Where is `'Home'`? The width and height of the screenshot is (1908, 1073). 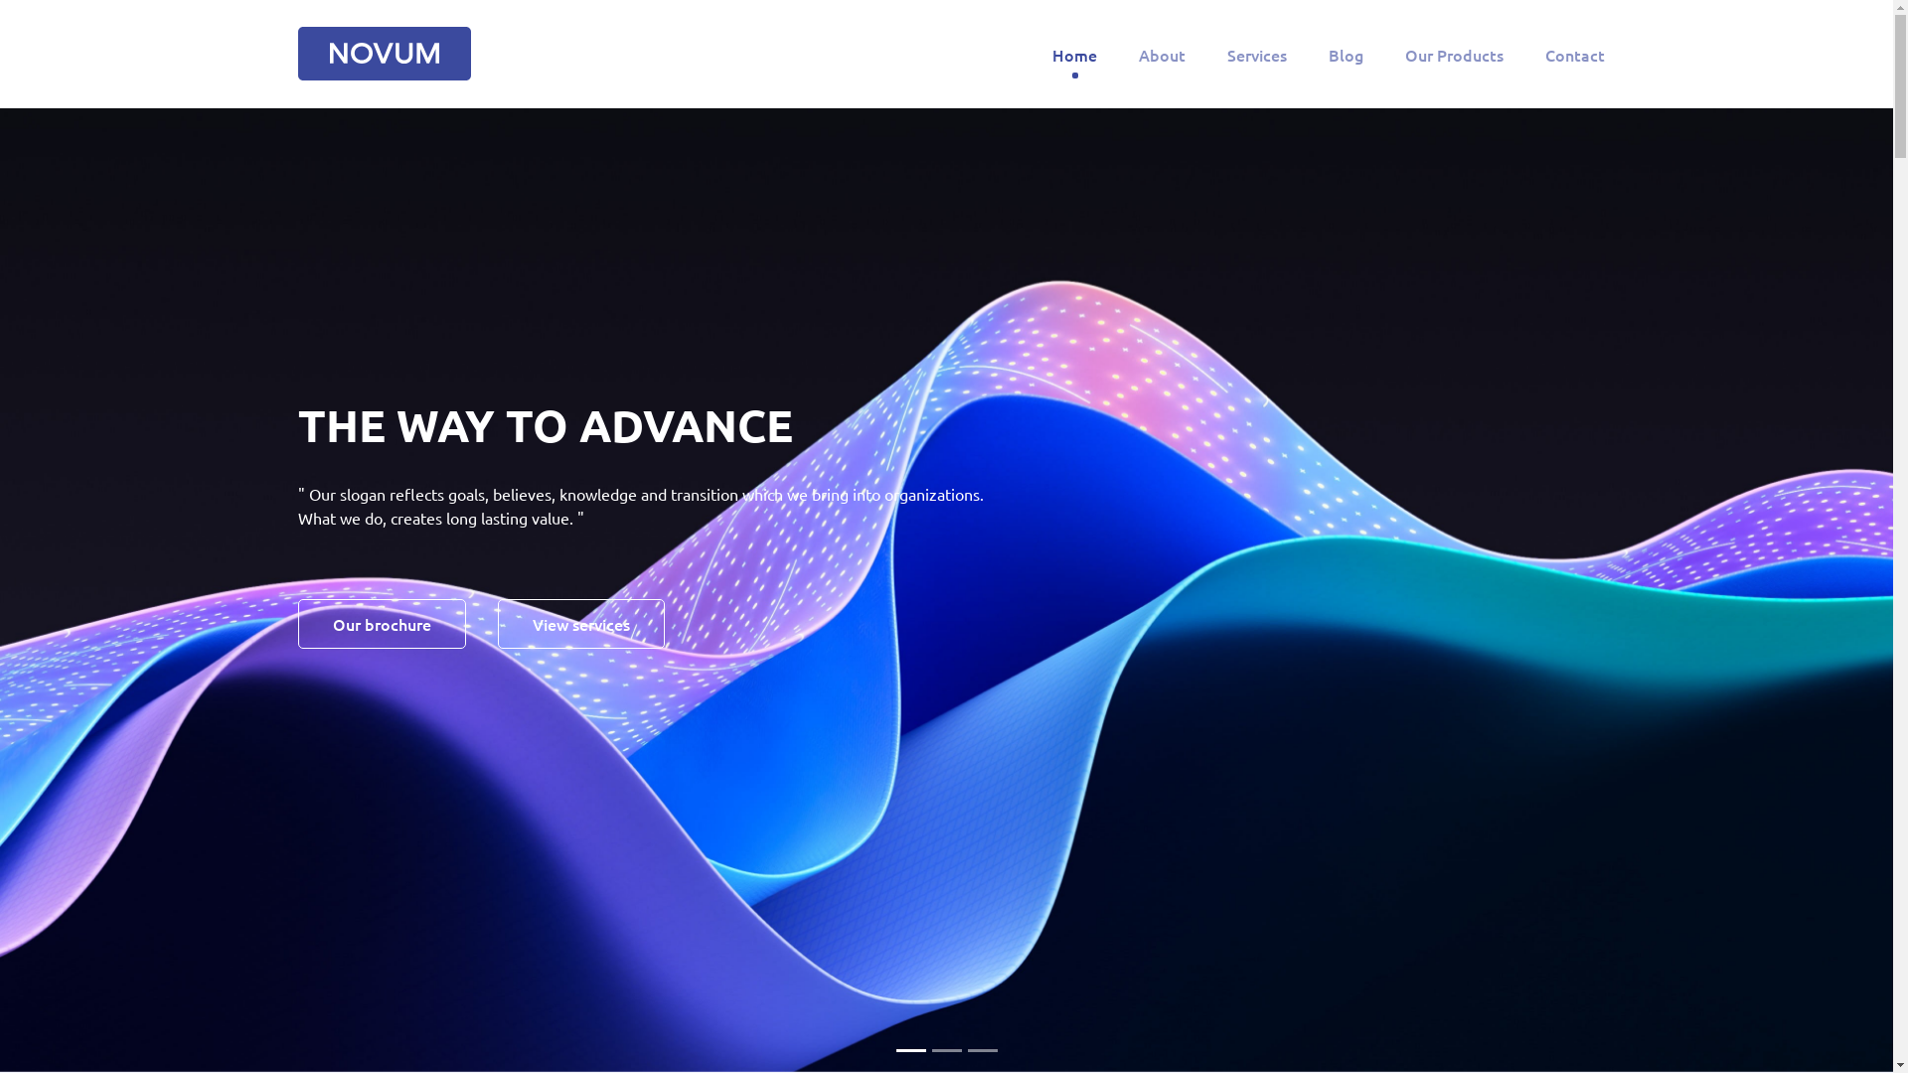 'Home' is located at coordinates (1046, 53).